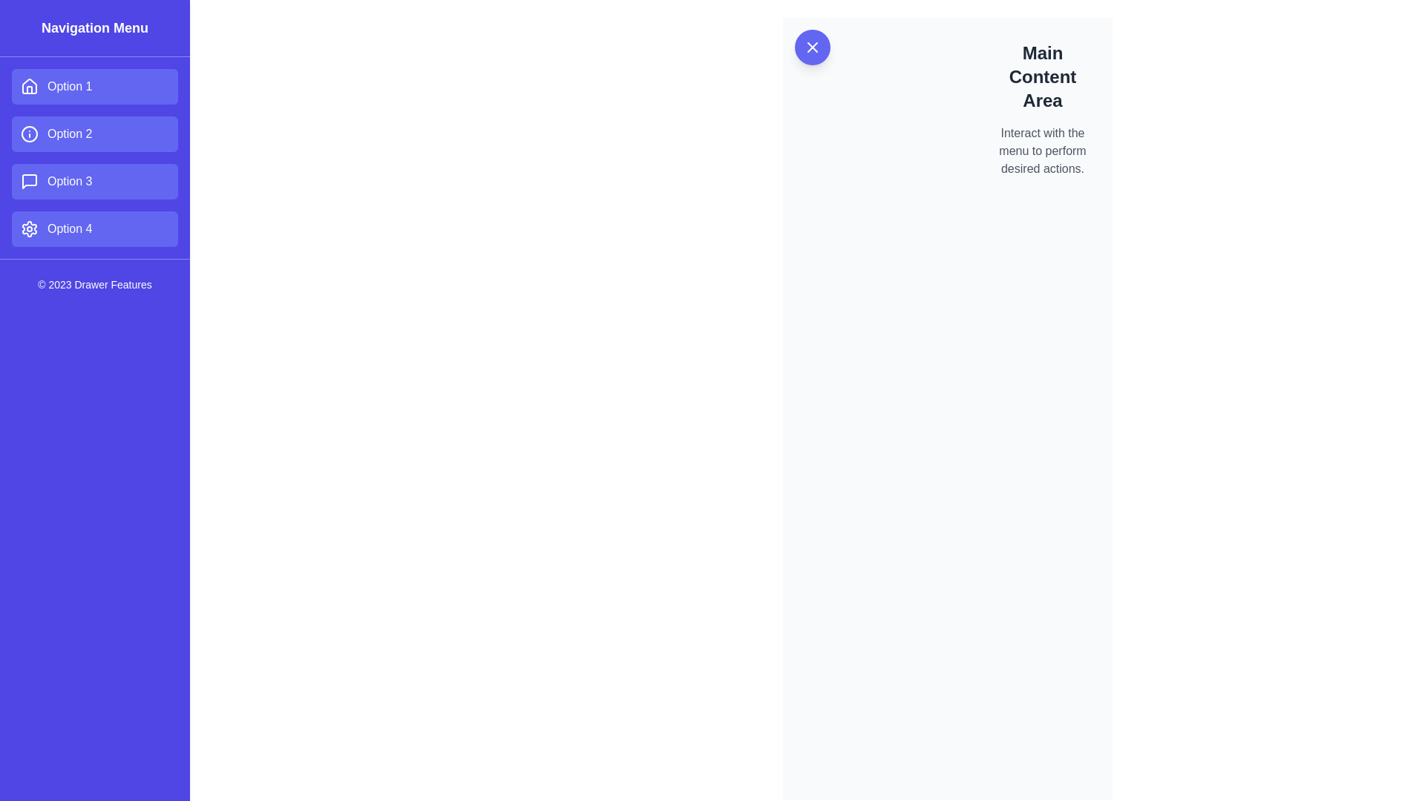 This screenshot has height=801, width=1425. Describe the element at coordinates (94, 134) in the screenshot. I see `the navigation button labeled 'Option 2' located in the vertical menu` at that location.